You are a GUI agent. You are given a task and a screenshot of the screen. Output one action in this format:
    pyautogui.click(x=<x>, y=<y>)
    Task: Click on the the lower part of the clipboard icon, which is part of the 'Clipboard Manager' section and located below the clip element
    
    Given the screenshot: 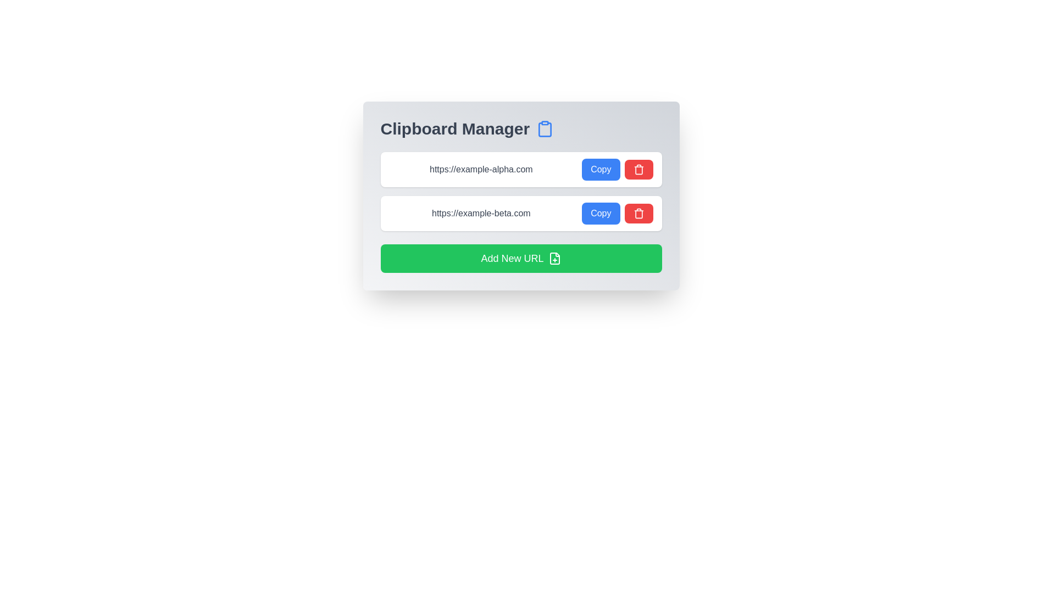 What is the action you would take?
    pyautogui.click(x=545, y=129)
    